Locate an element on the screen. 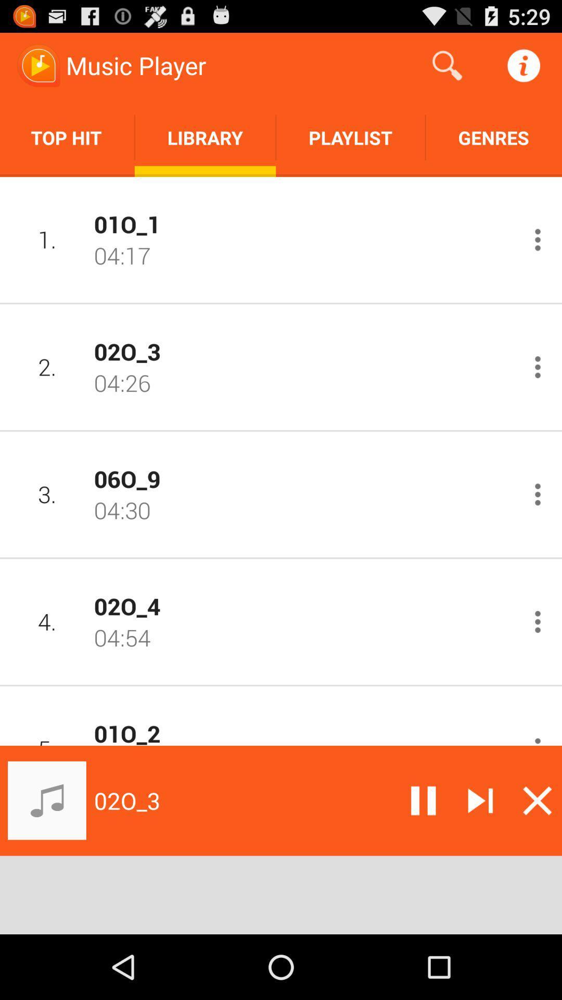  top hit item is located at coordinates (67, 137).